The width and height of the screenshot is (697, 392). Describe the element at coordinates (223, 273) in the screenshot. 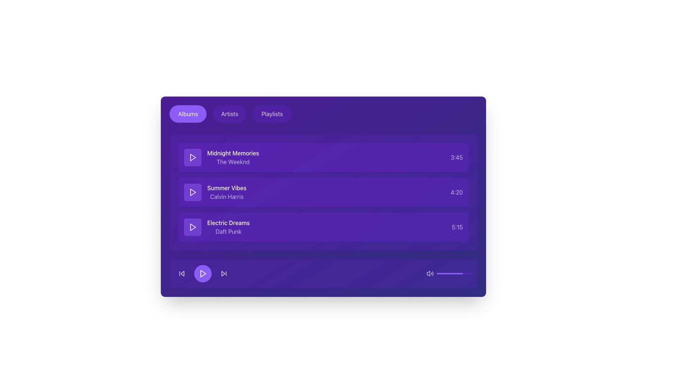

I see `the triangular icon button resembling a forward or skip button located in the bottom-right section of the interface` at that location.